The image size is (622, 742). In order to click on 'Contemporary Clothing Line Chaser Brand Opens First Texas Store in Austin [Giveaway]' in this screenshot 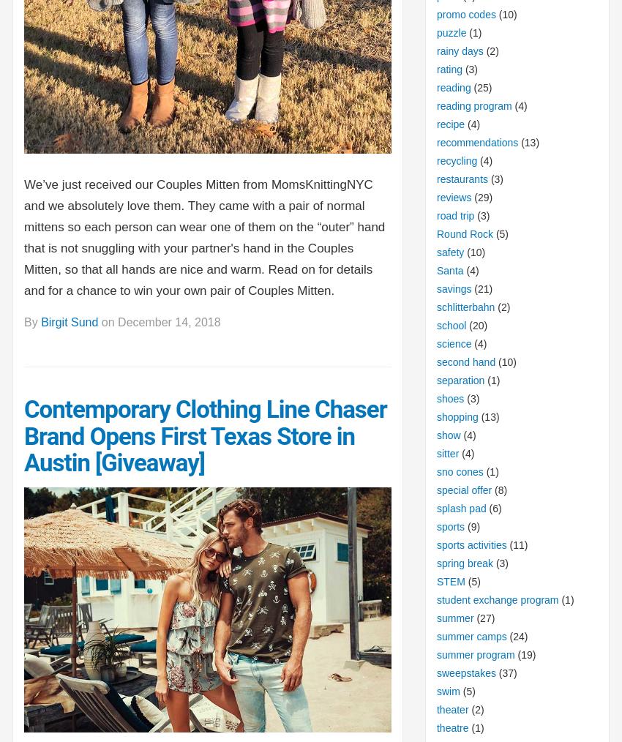, I will do `click(204, 435)`.